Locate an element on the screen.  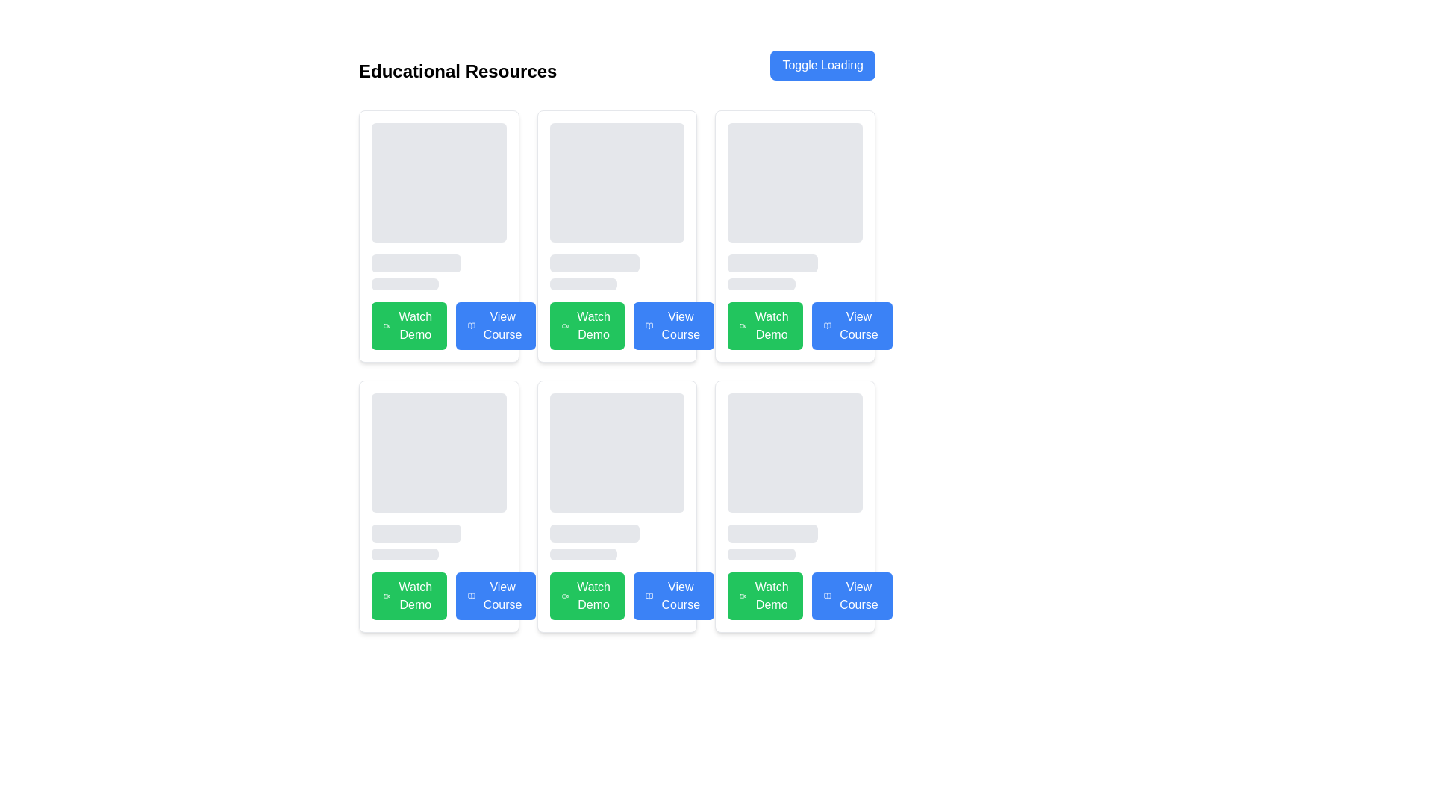
the second button labeled 'View Course' in the educational resources panel is located at coordinates (496, 325).